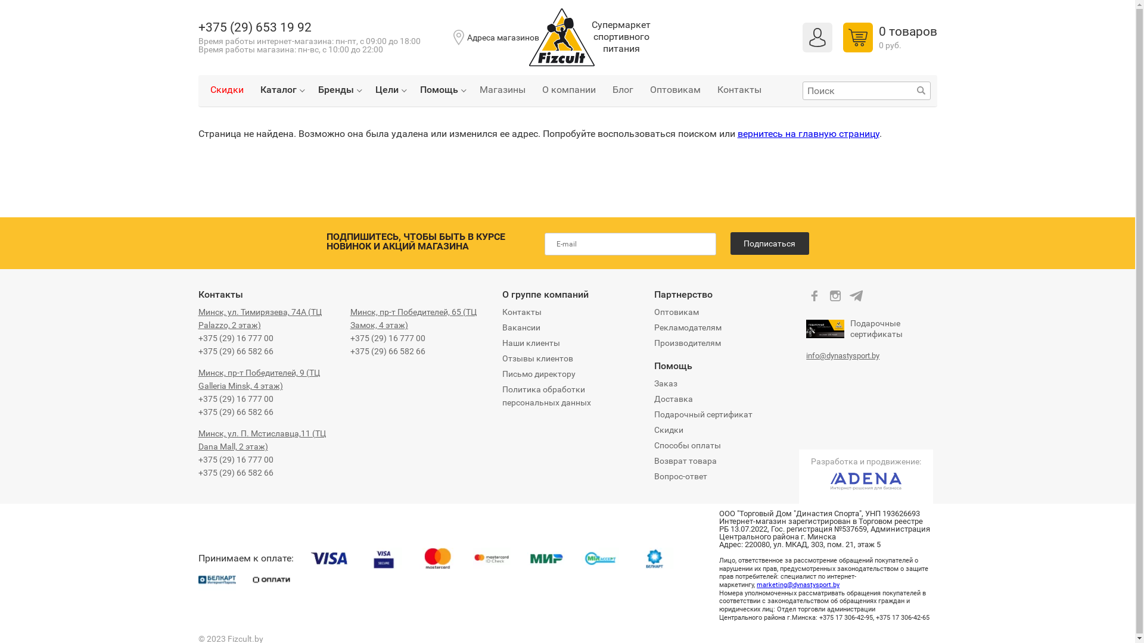 The height and width of the screenshot is (643, 1144). Describe the element at coordinates (388, 338) in the screenshot. I see `'+375 (29) 16 777 00'` at that location.